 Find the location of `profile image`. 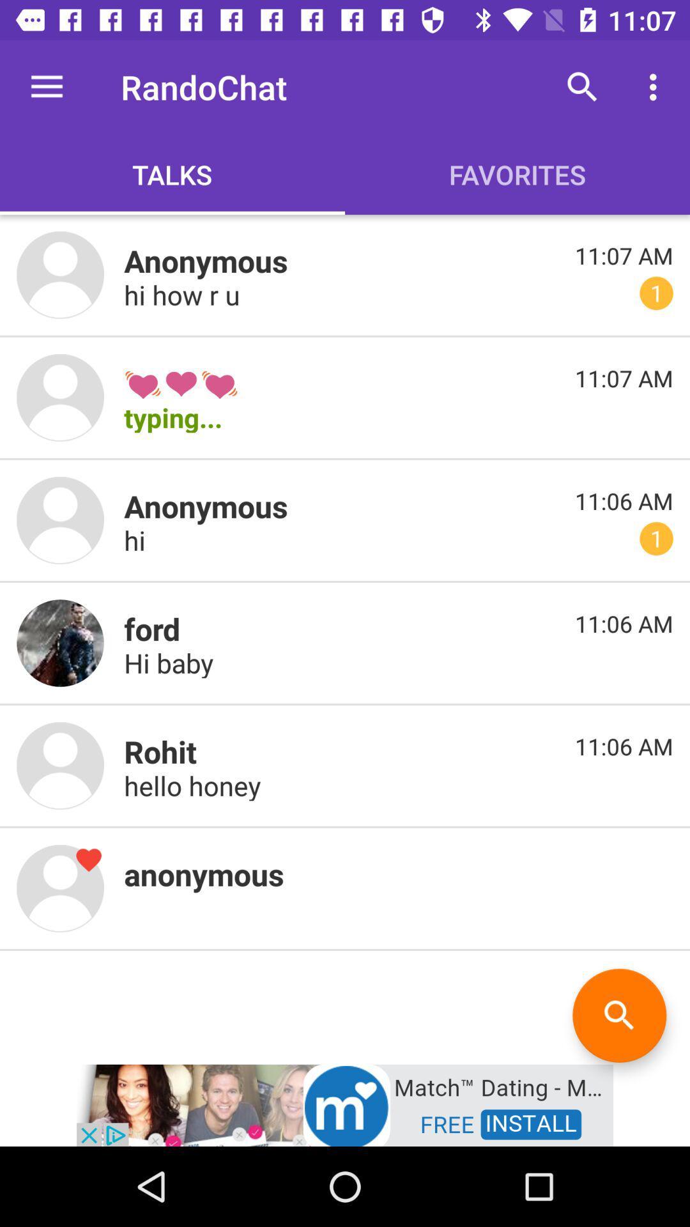

profile image is located at coordinates (60, 888).